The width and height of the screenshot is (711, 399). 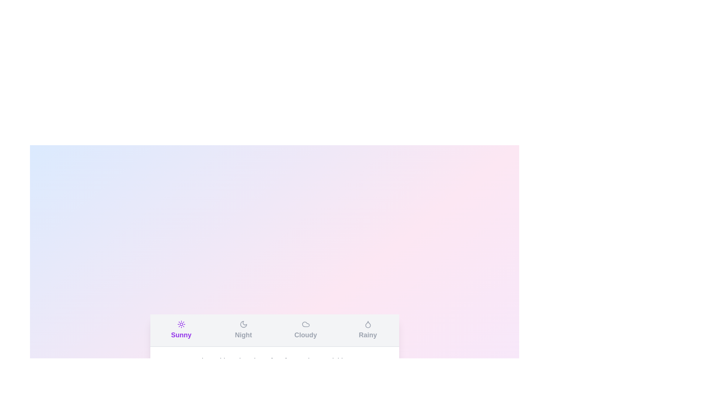 What do you see at coordinates (181, 330) in the screenshot?
I see `the tab labeled Sunny to switch to the respective weather condition` at bounding box center [181, 330].